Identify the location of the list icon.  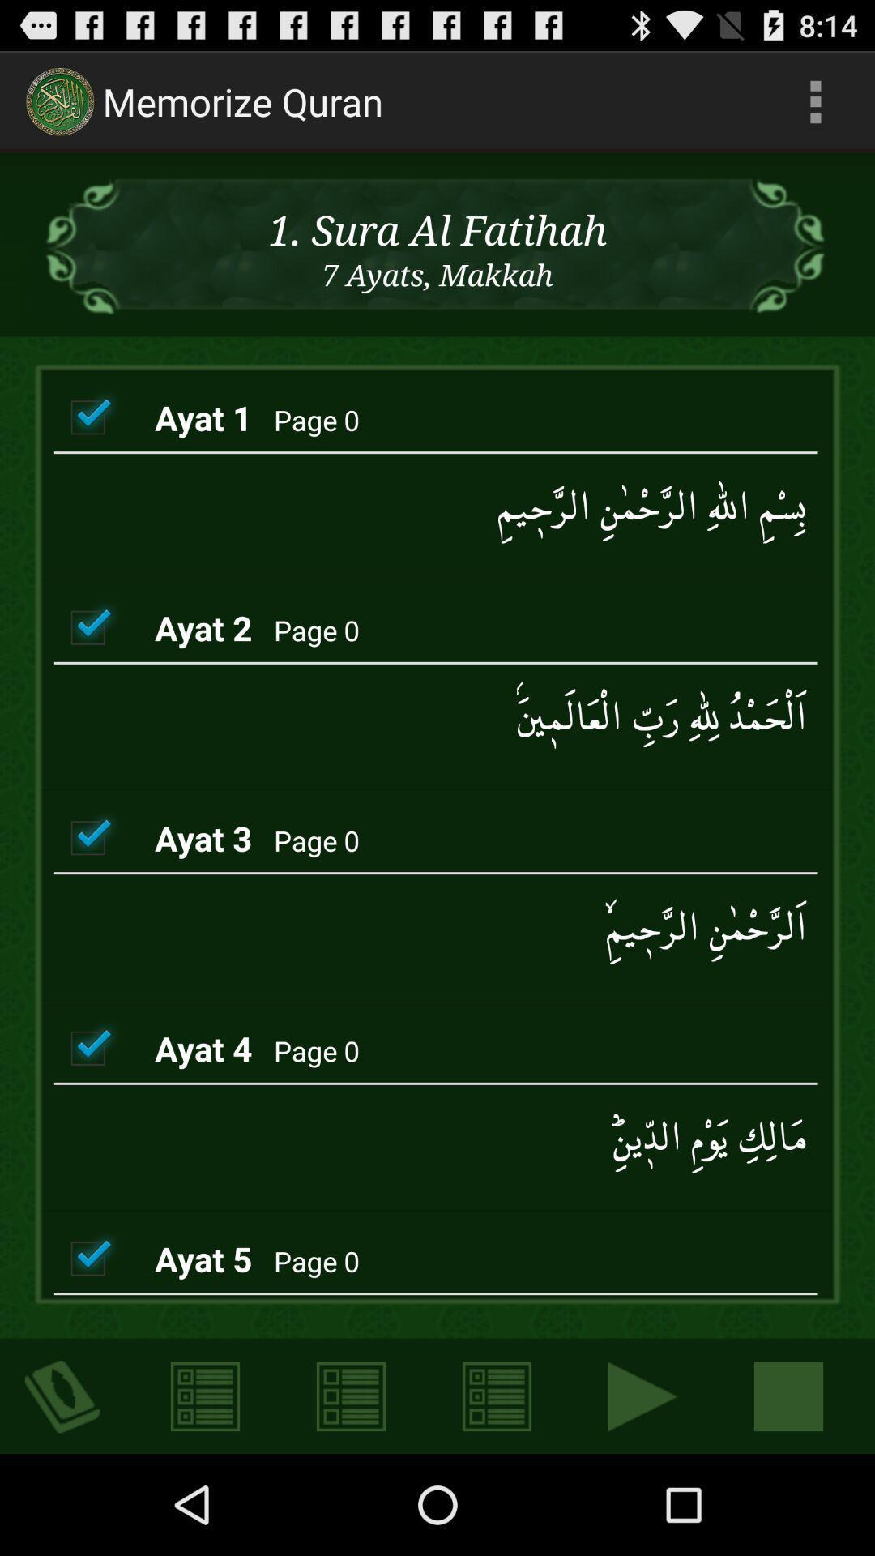
(204, 1494).